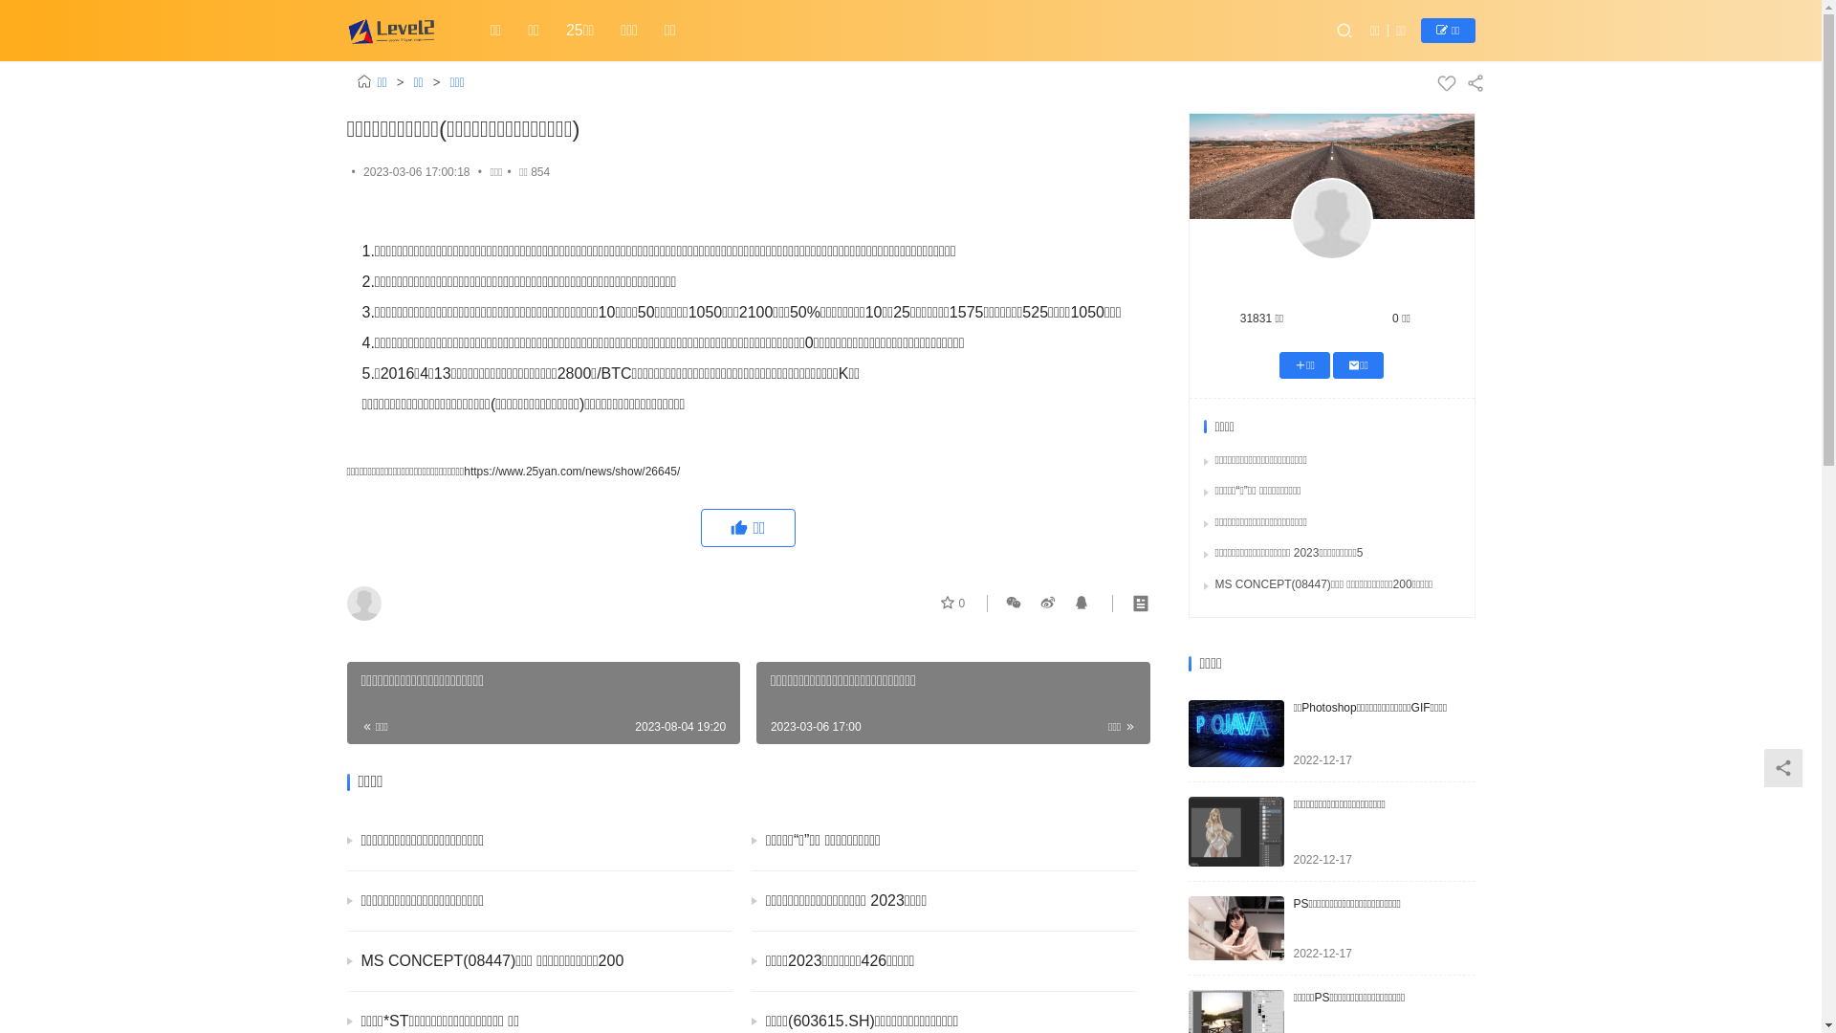 This screenshot has height=1033, width=1836. I want to click on '0', so click(952, 604).